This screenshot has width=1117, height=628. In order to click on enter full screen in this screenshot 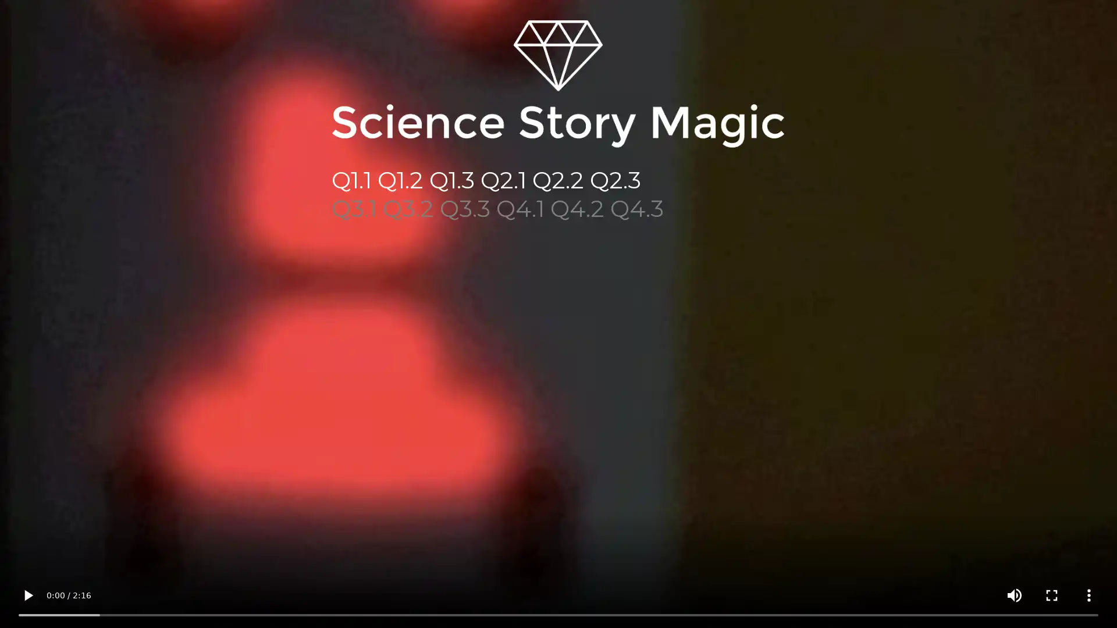, I will do `click(1052, 595)`.